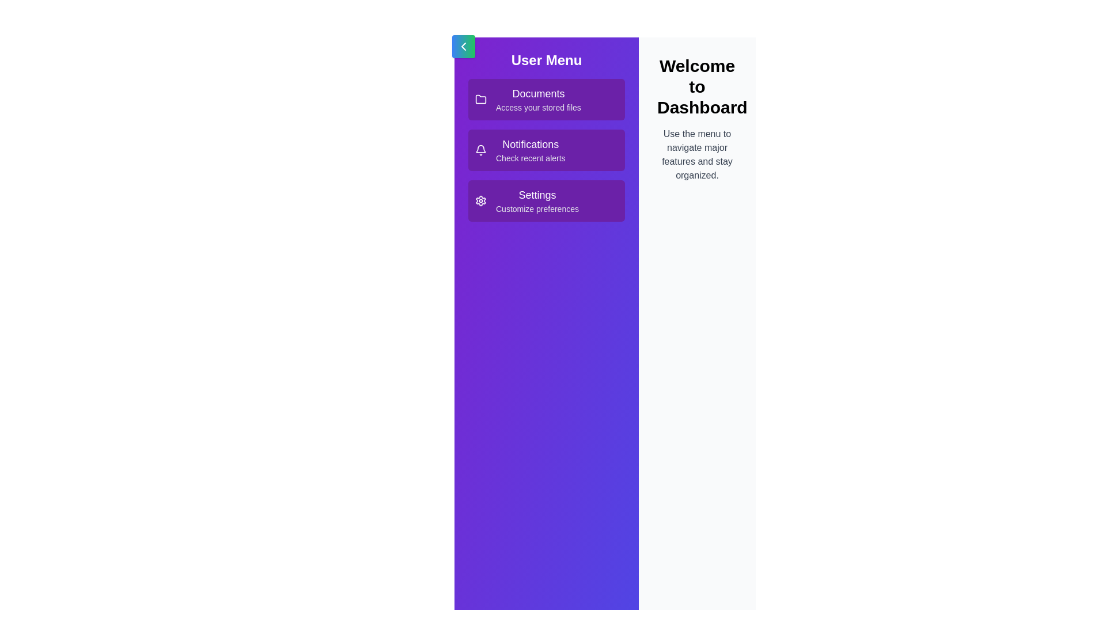  What do you see at coordinates (546, 150) in the screenshot?
I see `the menu item Notifications to view its hover effect` at bounding box center [546, 150].